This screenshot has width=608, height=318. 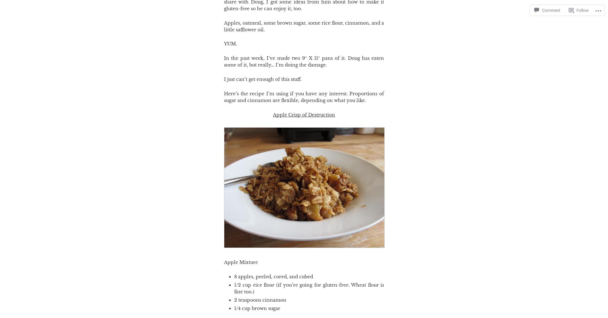 What do you see at coordinates (309, 288) in the screenshot?
I see `'1/2 cup rice flour (if you’re going for gluten-free. Wheat flour is fine too.)'` at bounding box center [309, 288].